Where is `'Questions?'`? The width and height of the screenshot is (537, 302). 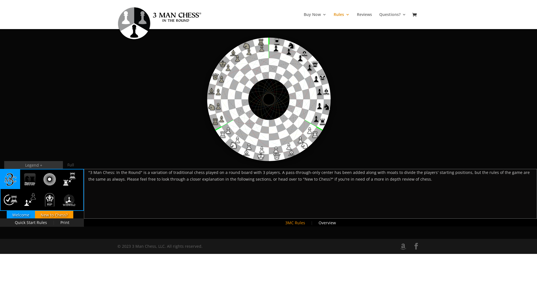
'Questions?' is located at coordinates (392, 20).